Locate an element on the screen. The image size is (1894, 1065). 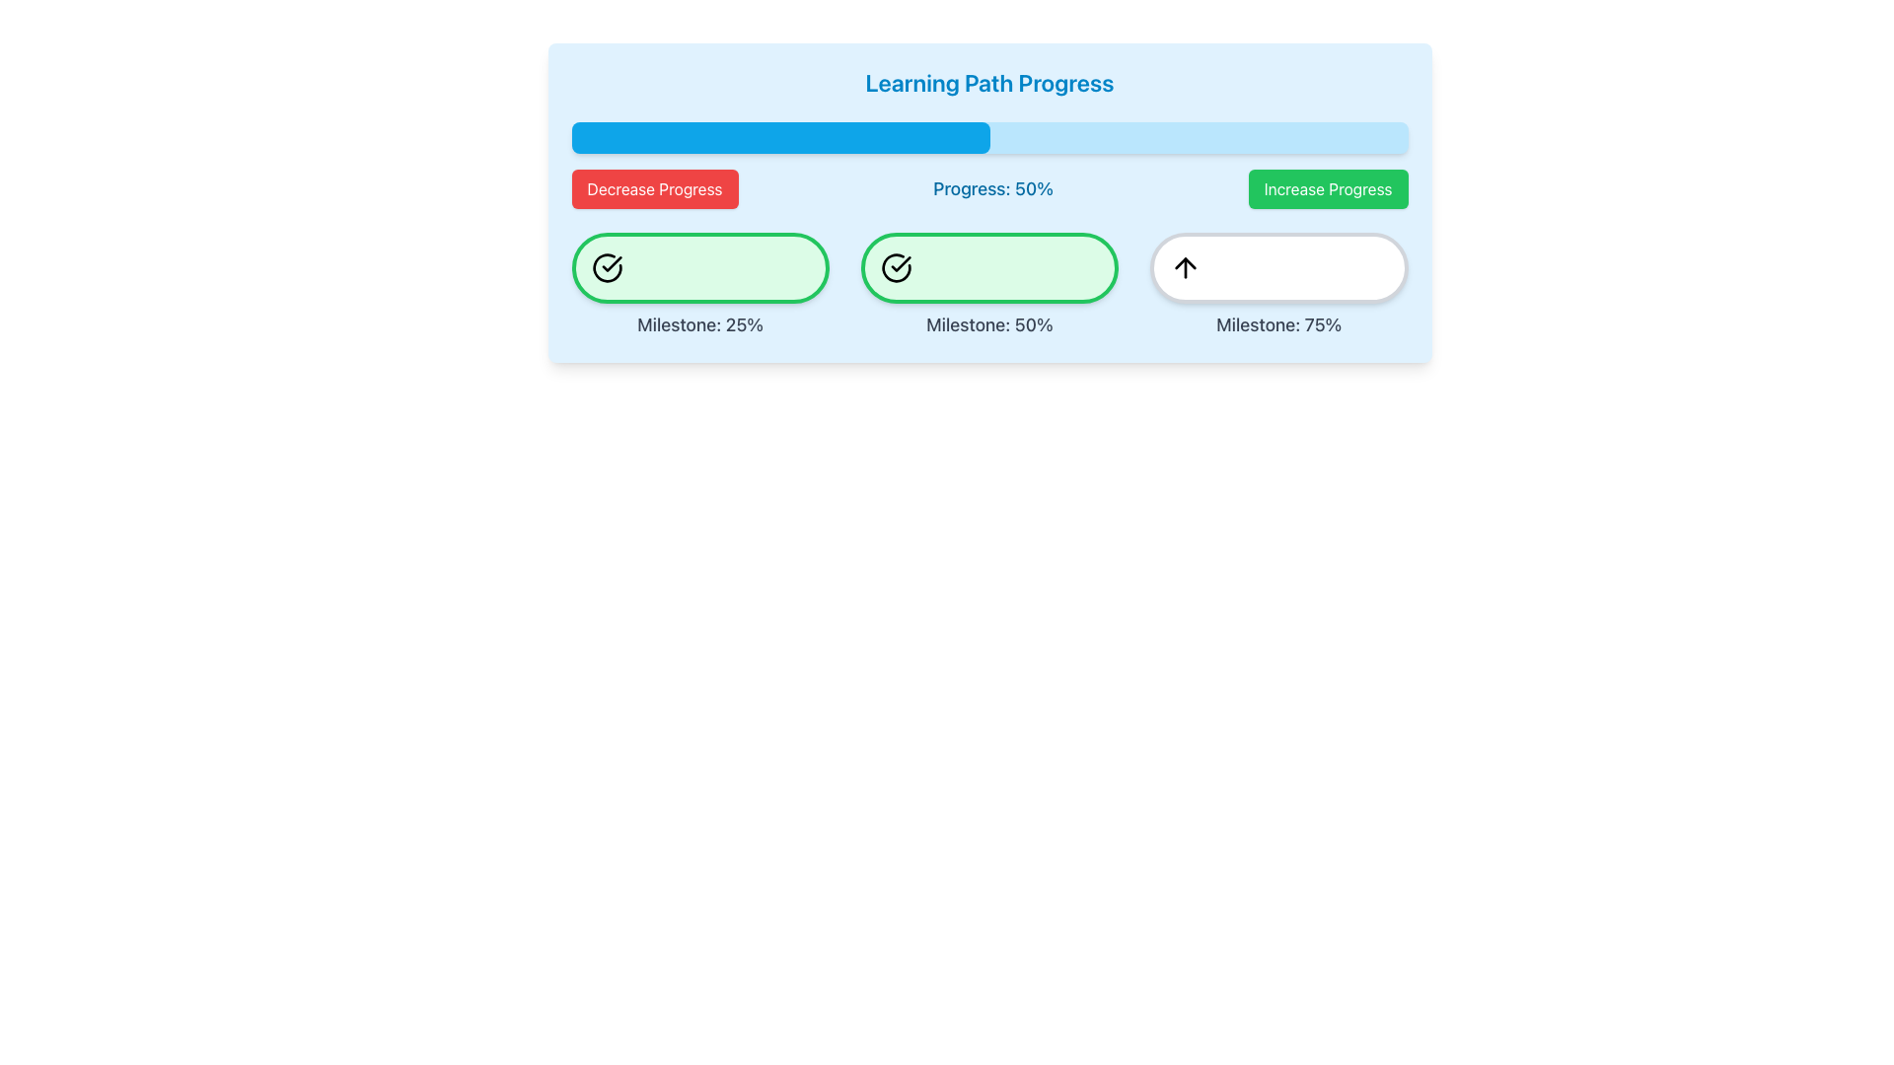
the 'Increase Progress' button, which is a green rectangular button with white text and a rounded border, located in the top-right portion of the interface is located at coordinates (1328, 189).